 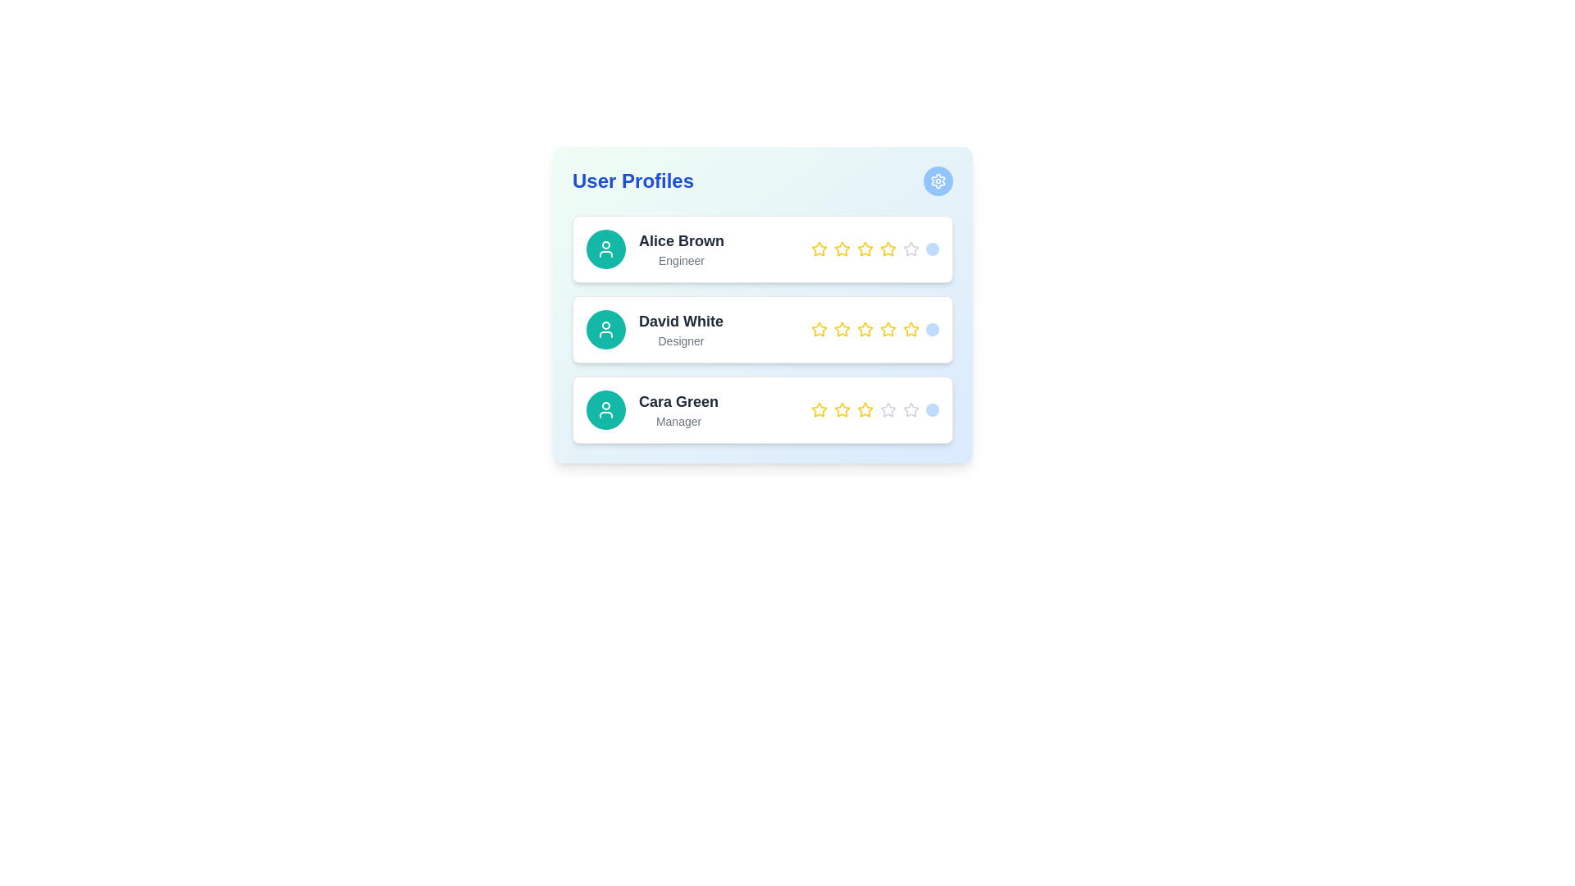 I want to click on the user profile icon located on the left side of the first user's information card in the 'User Profiles' list for quick identification, so click(x=605, y=249).